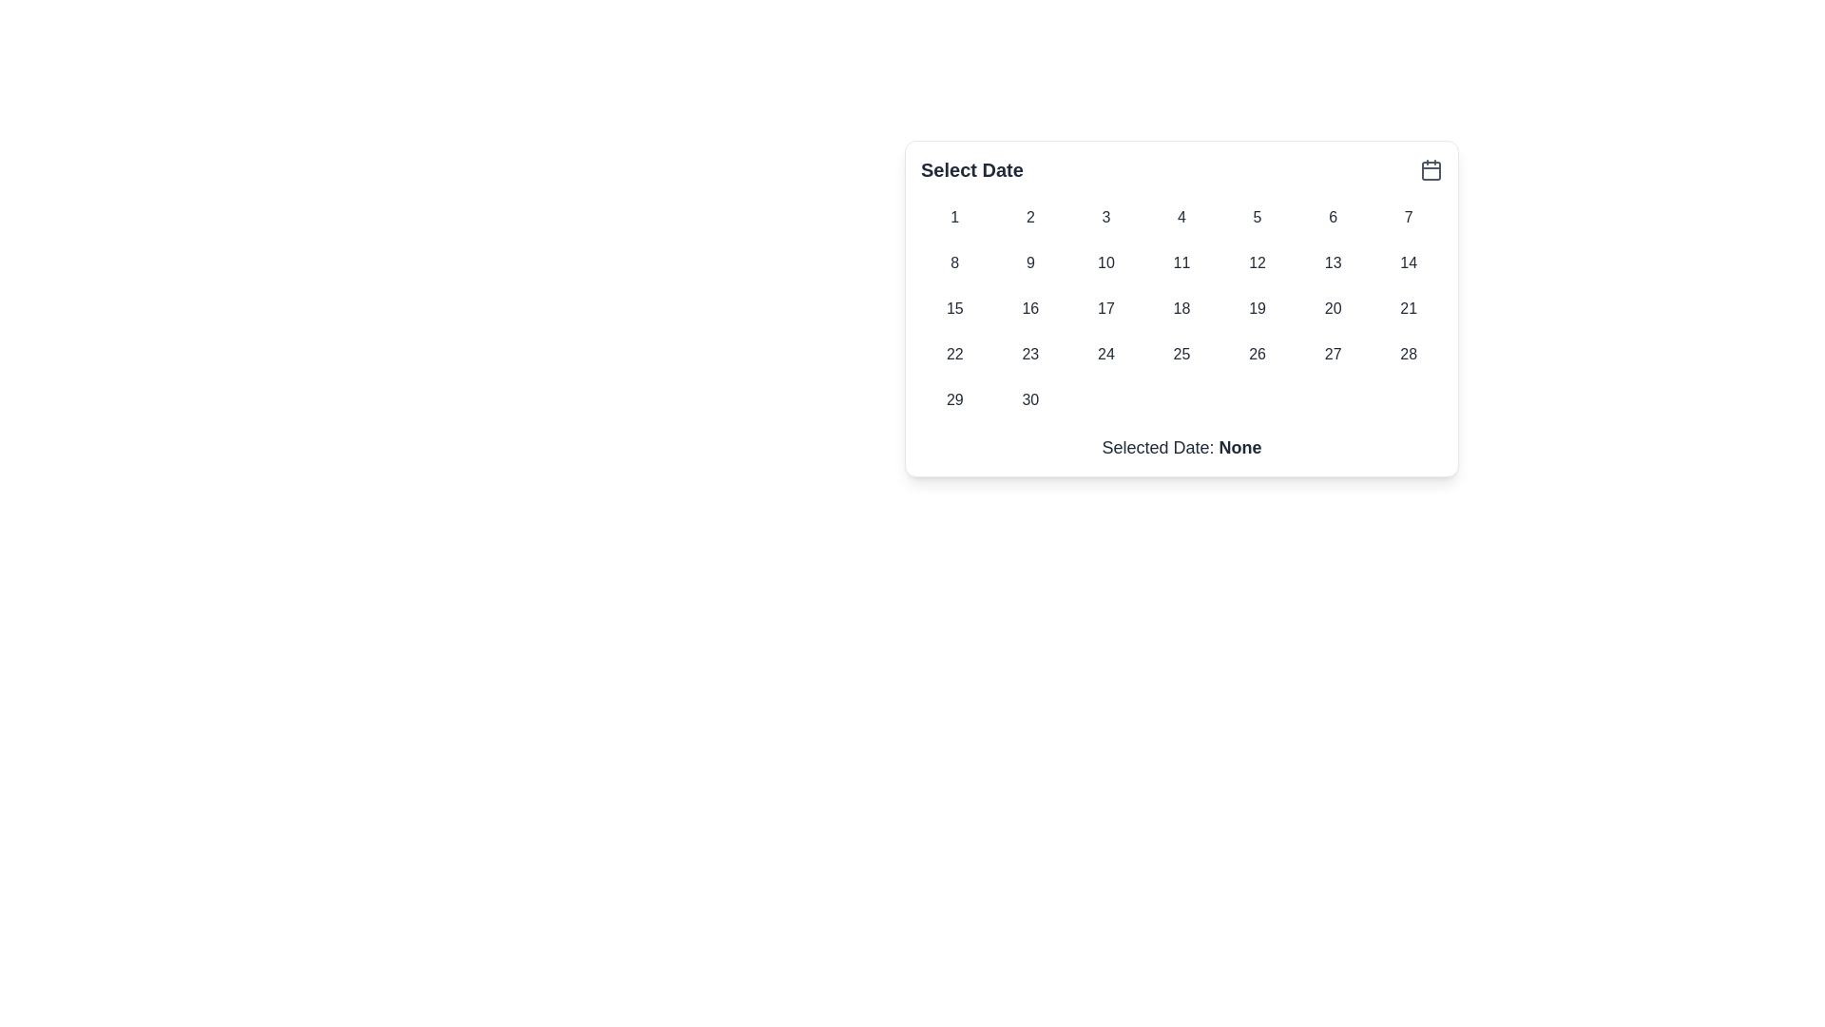 Image resolution: width=1825 pixels, height=1027 pixels. Describe the element at coordinates (1105, 355) in the screenshot. I see `the selectable day button representing the date '24' in the calendar grid` at that location.